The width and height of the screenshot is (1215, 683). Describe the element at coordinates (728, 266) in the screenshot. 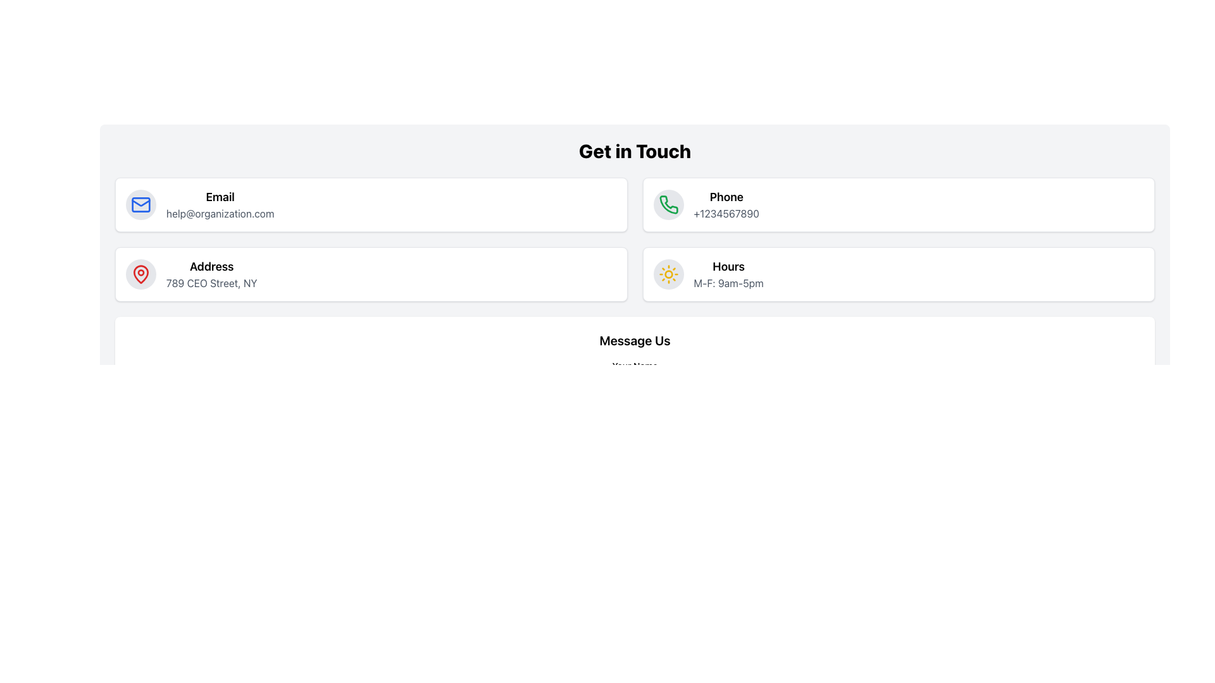

I see `the text element labeled 'Hours', which is styled in bold black font and positioned prominently above the description text within a rectangular card` at that location.